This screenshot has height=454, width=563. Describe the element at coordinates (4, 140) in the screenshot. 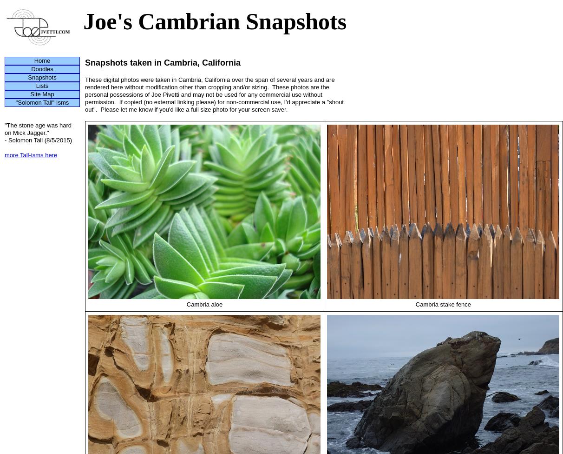

I see `'- Solomon Tall (8/5/2015)'` at that location.